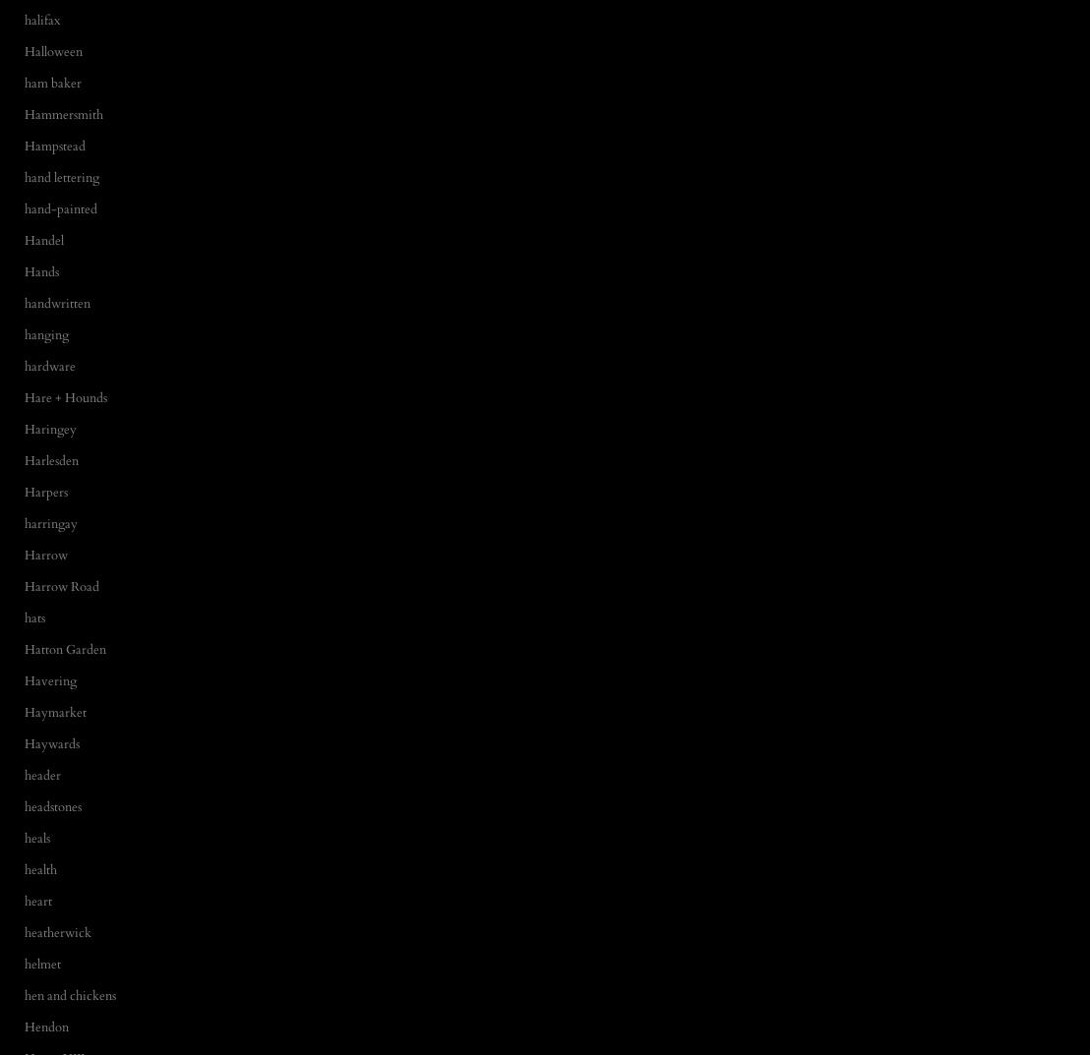  Describe the element at coordinates (25, 113) in the screenshot. I see `'Hammersmith'` at that location.